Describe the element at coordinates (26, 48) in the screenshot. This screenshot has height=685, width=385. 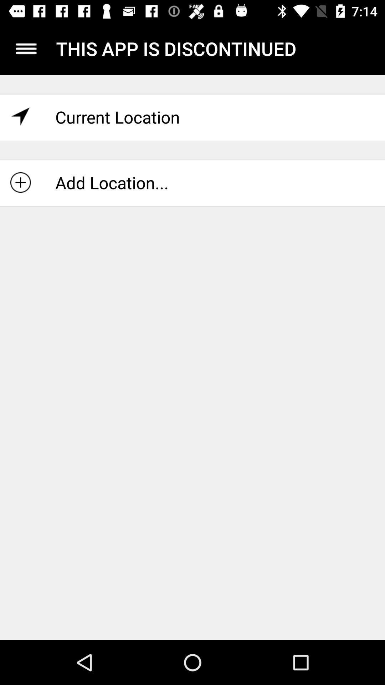
I see `open the menu` at that location.